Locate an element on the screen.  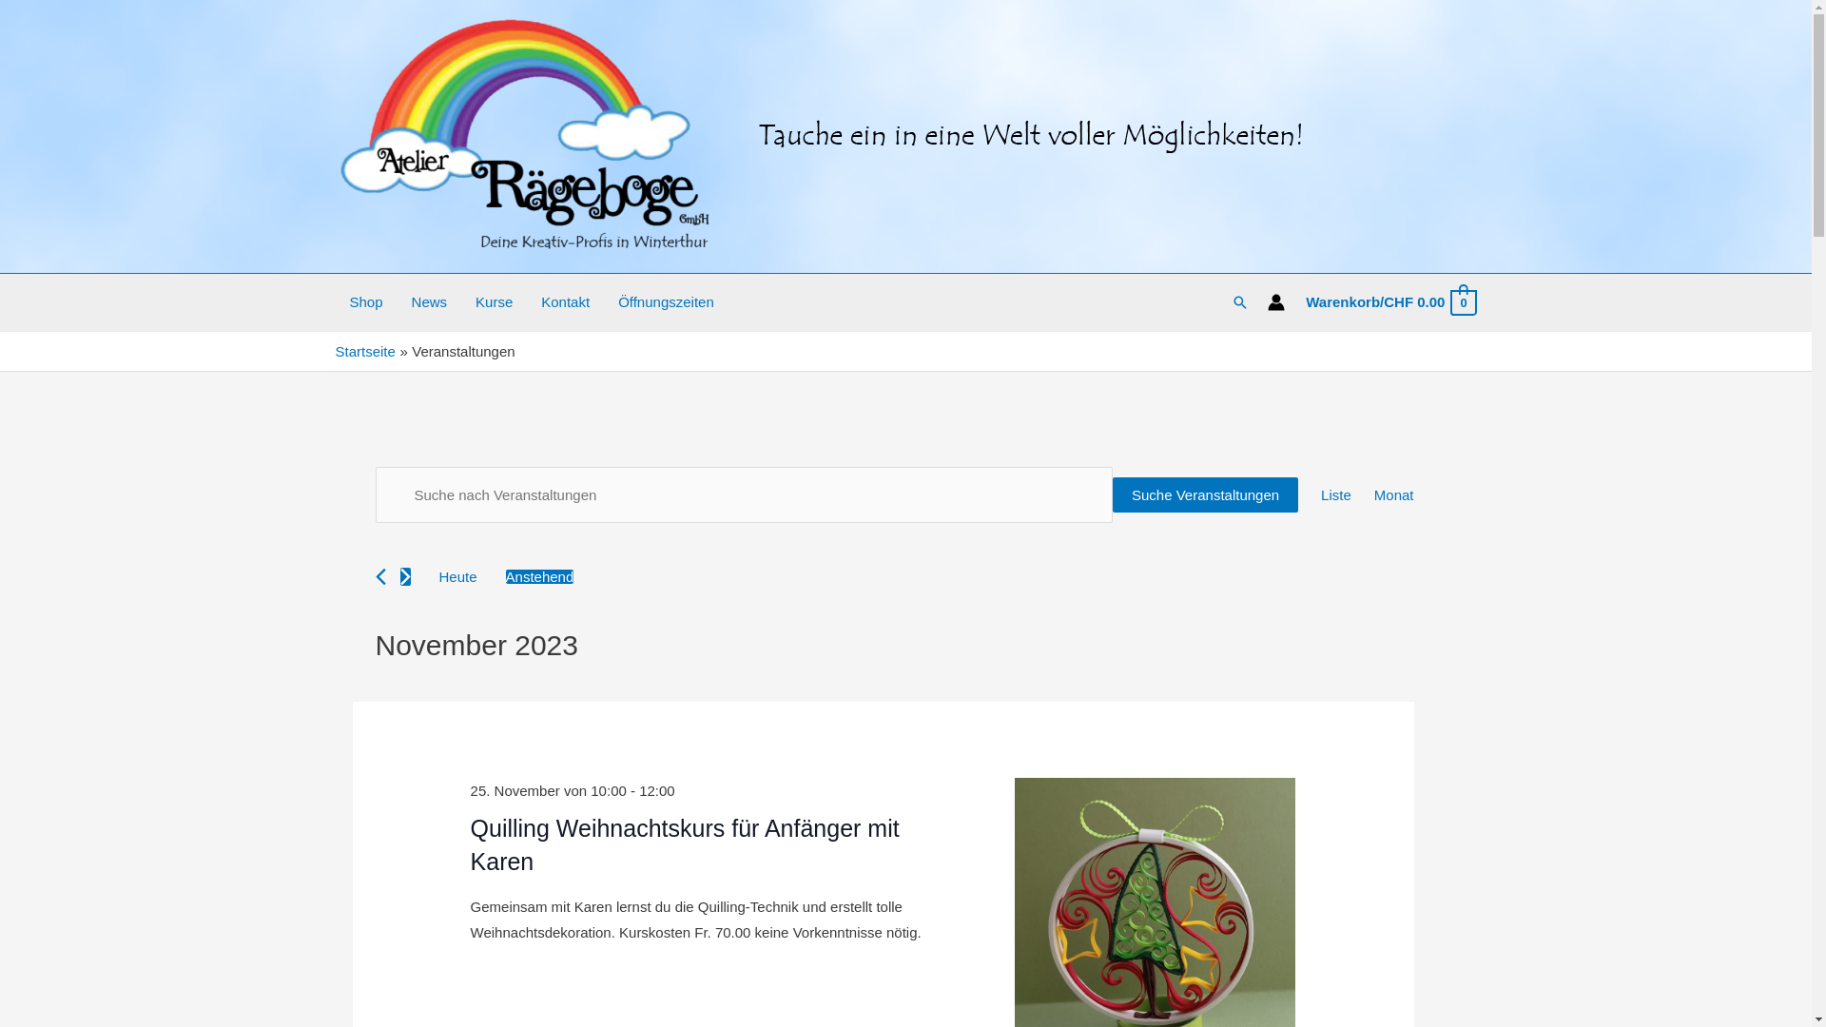
'News' is located at coordinates (428, 300).